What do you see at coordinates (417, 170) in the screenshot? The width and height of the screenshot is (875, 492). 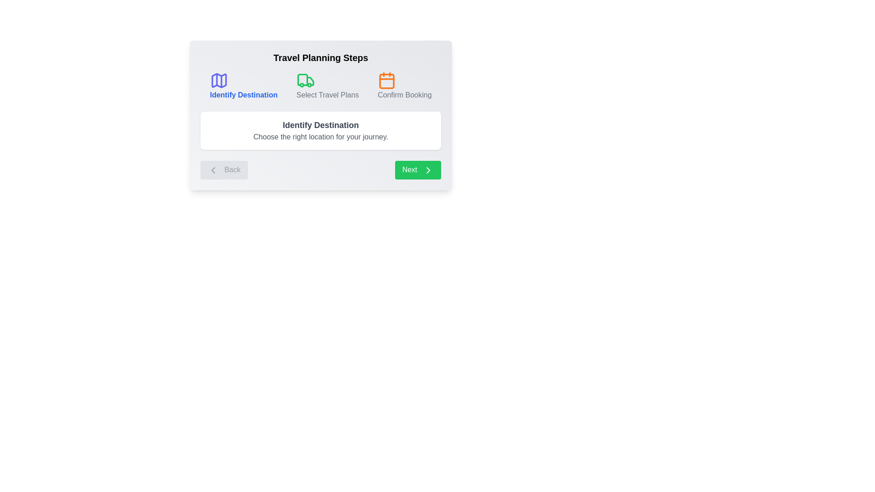 I see `the 'Next' button, which is a rectangular button with rounded corners, a solid green background, white text, and an arrow icon indicating forward navigation` at bounding box center [417, 170].